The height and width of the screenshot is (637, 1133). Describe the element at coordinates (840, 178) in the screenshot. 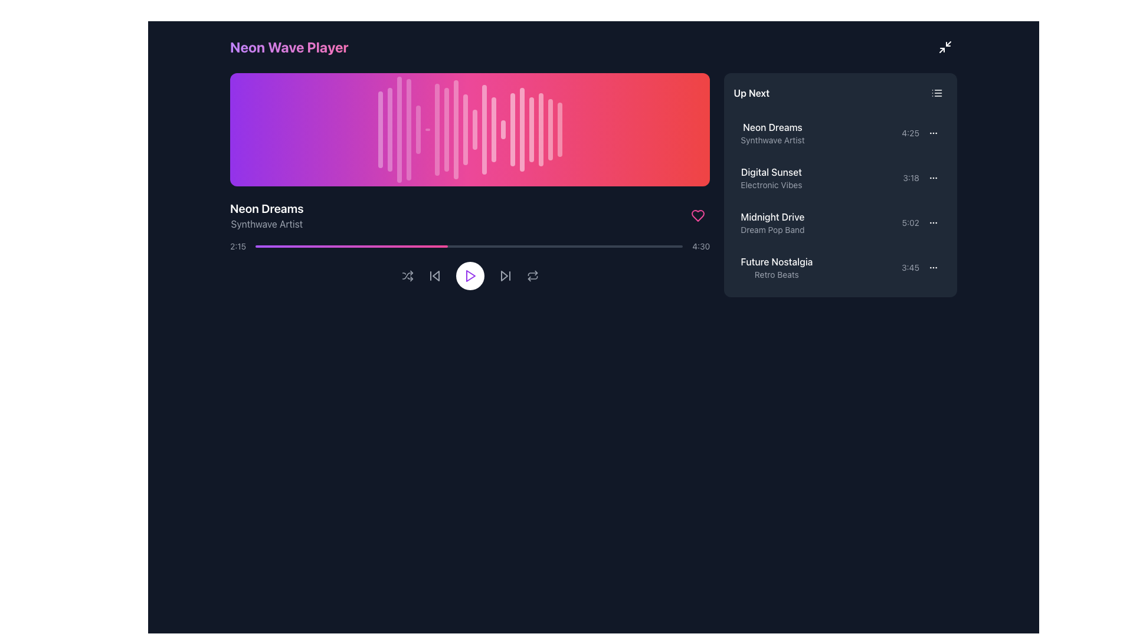

I see `the second item in the playlist titled 'Digital Sunset' to play the song` at that location.